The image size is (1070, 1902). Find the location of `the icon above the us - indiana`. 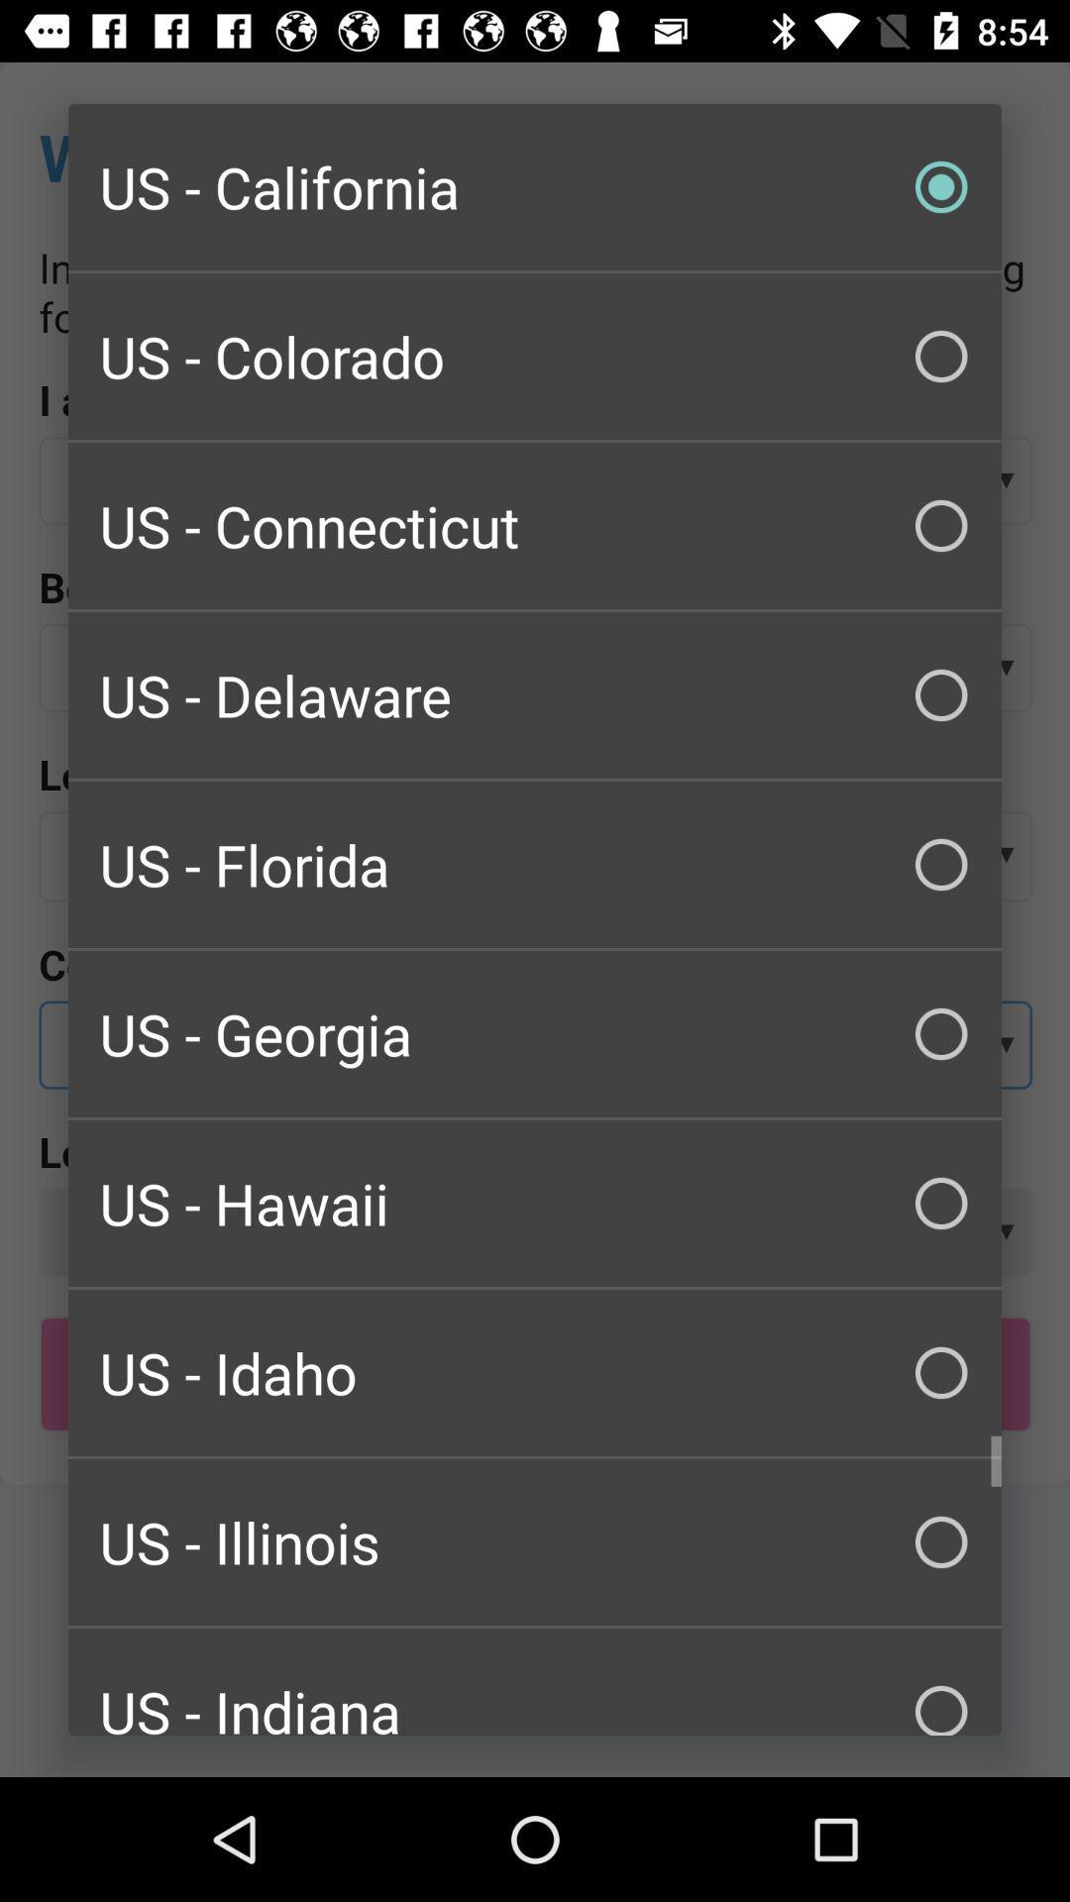

the icon above the us - indiana is located at coordinates (535, 1540).